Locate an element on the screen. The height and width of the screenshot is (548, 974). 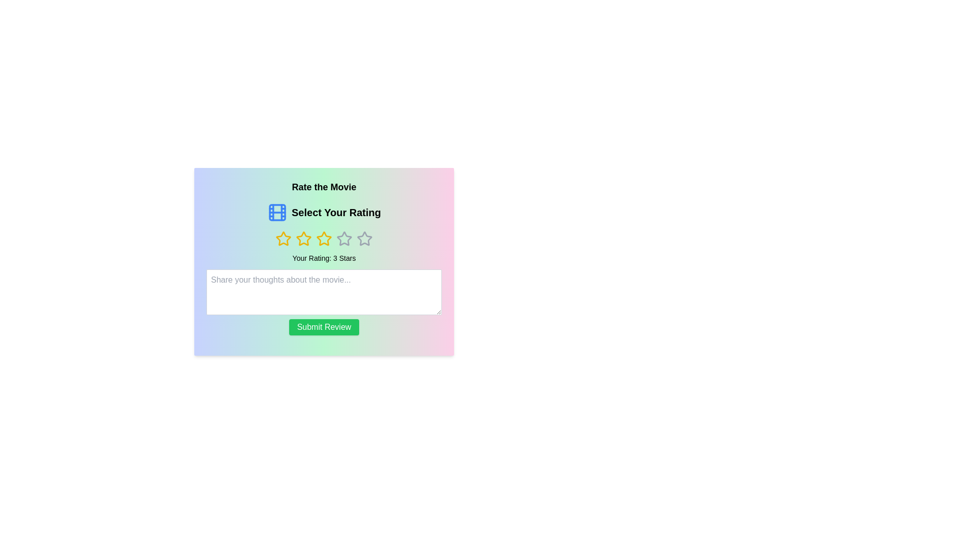
the third star icon in the star rating component is located at coordinates (283, 238).